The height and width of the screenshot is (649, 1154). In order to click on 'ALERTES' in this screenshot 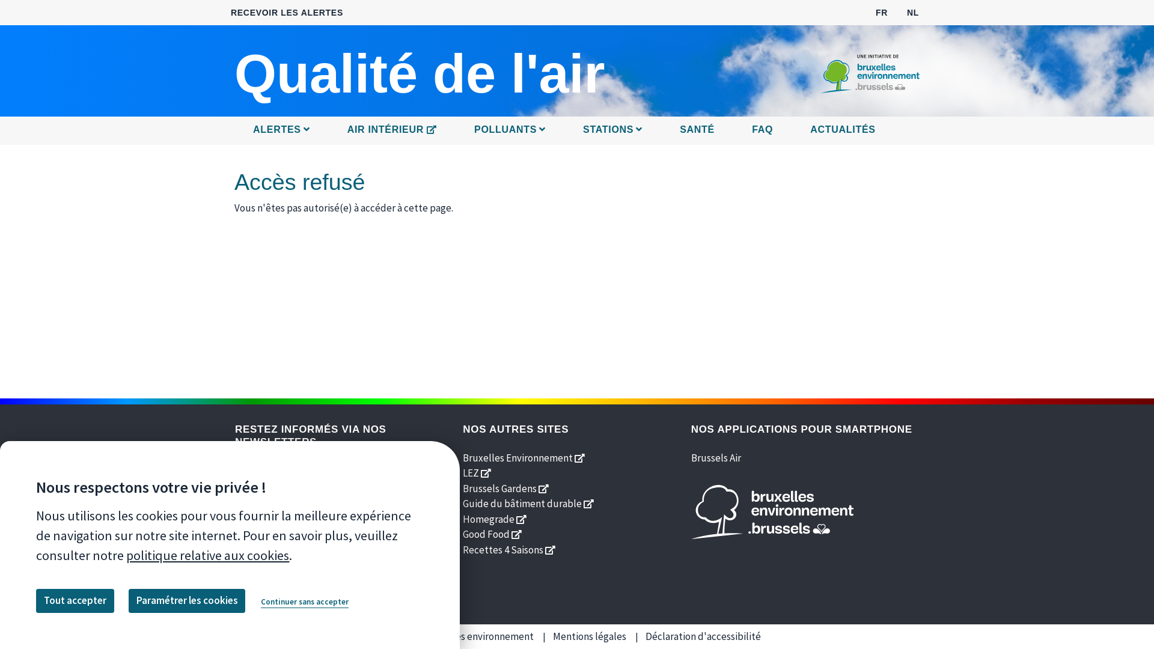, I will do `click(246, 130)`.